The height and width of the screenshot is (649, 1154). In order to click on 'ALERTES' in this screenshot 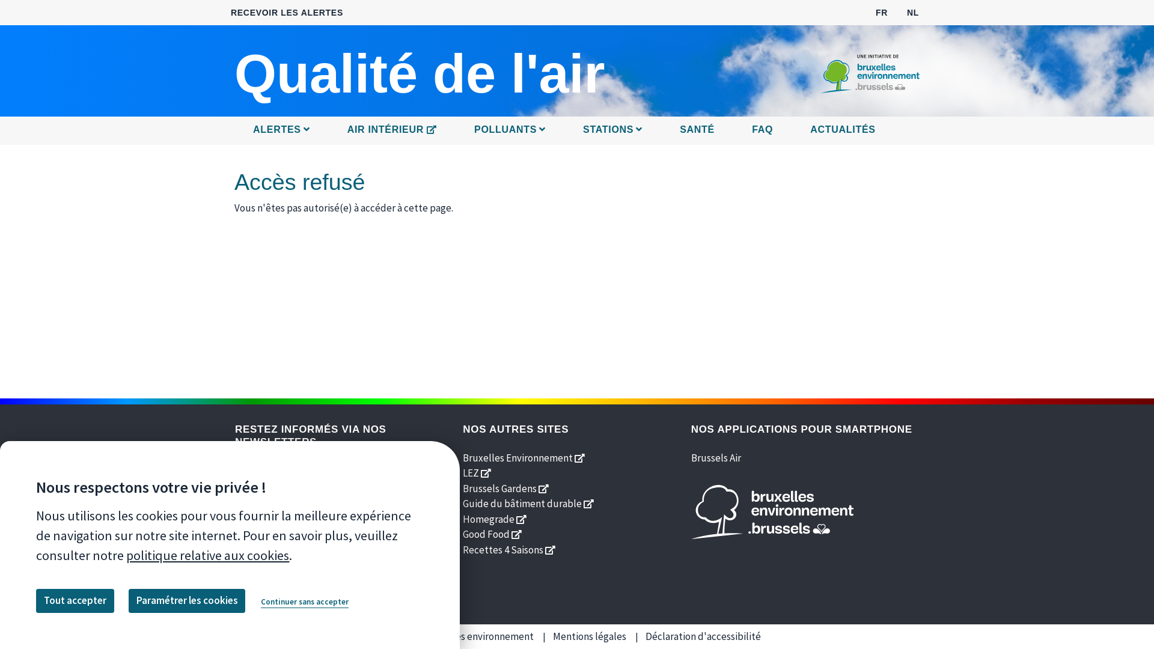, I will do `click(246, 130)`.